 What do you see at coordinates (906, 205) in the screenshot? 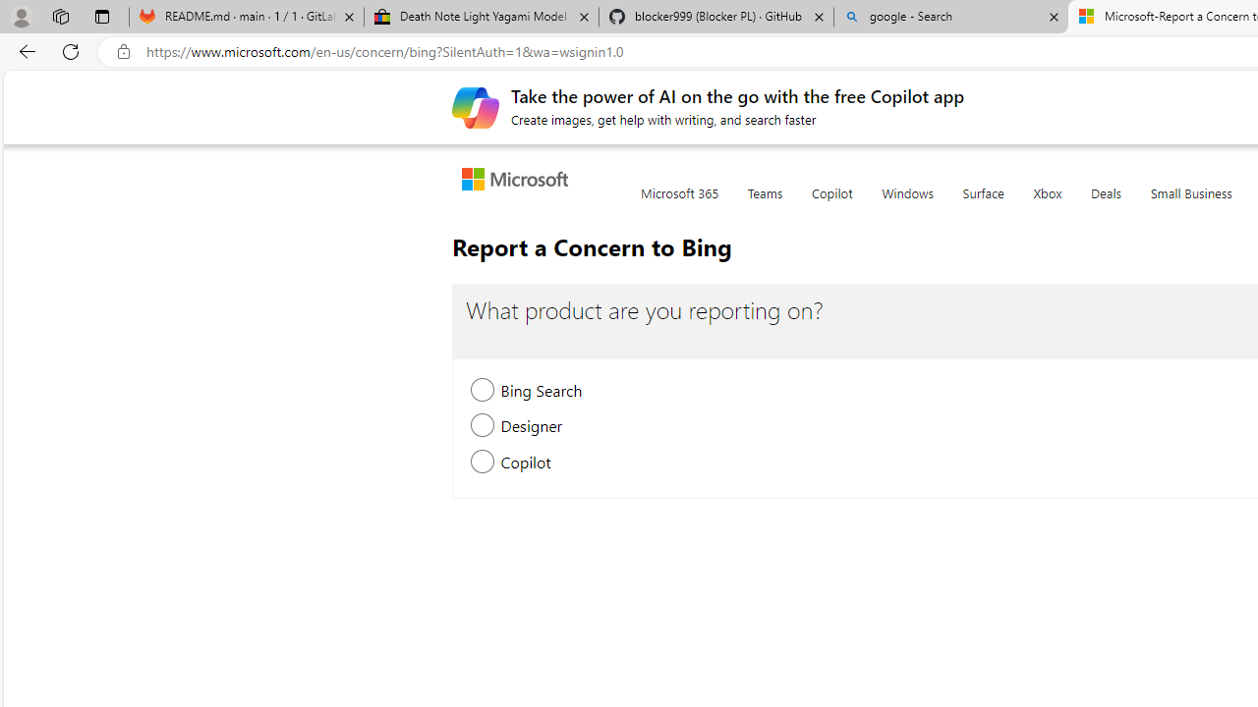
I see `'Windows'` at bounding box center [906, 205].